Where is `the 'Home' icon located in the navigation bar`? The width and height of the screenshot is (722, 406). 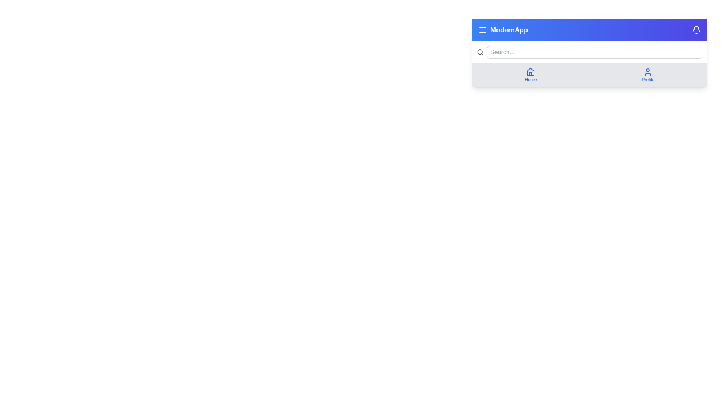
the 'Home' icon located in the navigation bar is located at coordinates (530, 72).